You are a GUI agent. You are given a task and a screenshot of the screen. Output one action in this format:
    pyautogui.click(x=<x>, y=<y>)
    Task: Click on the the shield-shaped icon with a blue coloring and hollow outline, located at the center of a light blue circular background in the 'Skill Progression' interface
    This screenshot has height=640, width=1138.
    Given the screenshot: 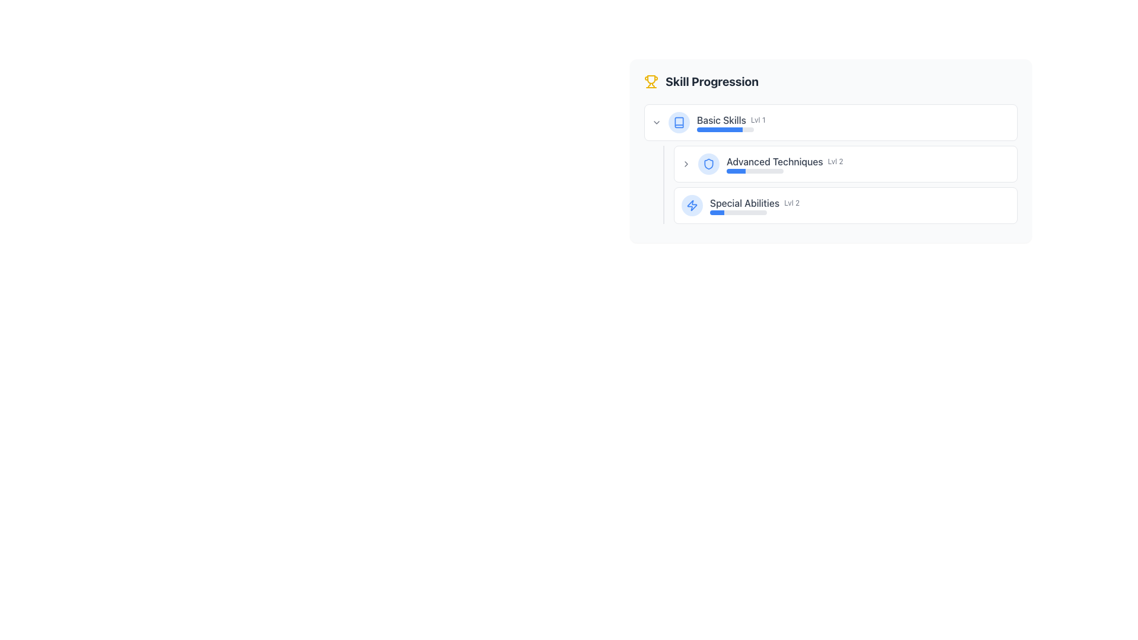 What is the action you would take?
    pyautogui.click(x=708, y=164)
    